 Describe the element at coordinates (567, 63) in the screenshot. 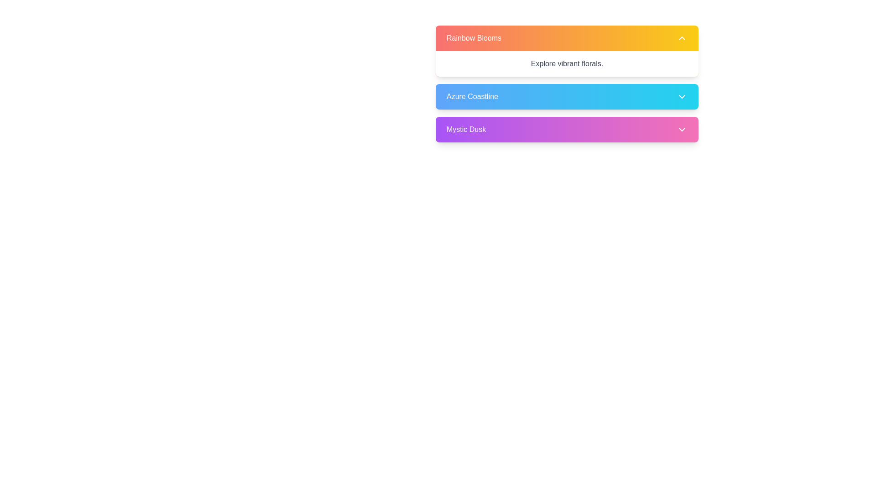

I see `descriptive text label located beneath the 'Rainbow Blooms' gradient header, which serves to provide additional context related to that section` at that location.